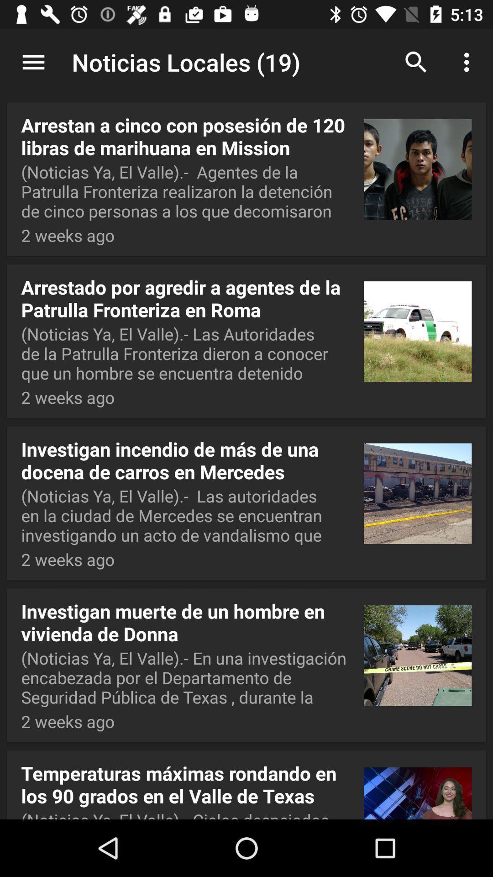 The image size is (493, 877). What do you see at coordinates (33, 62) in the screenshot?
I see `app above arrestan a cinco app` at bounding box center [33, 62].